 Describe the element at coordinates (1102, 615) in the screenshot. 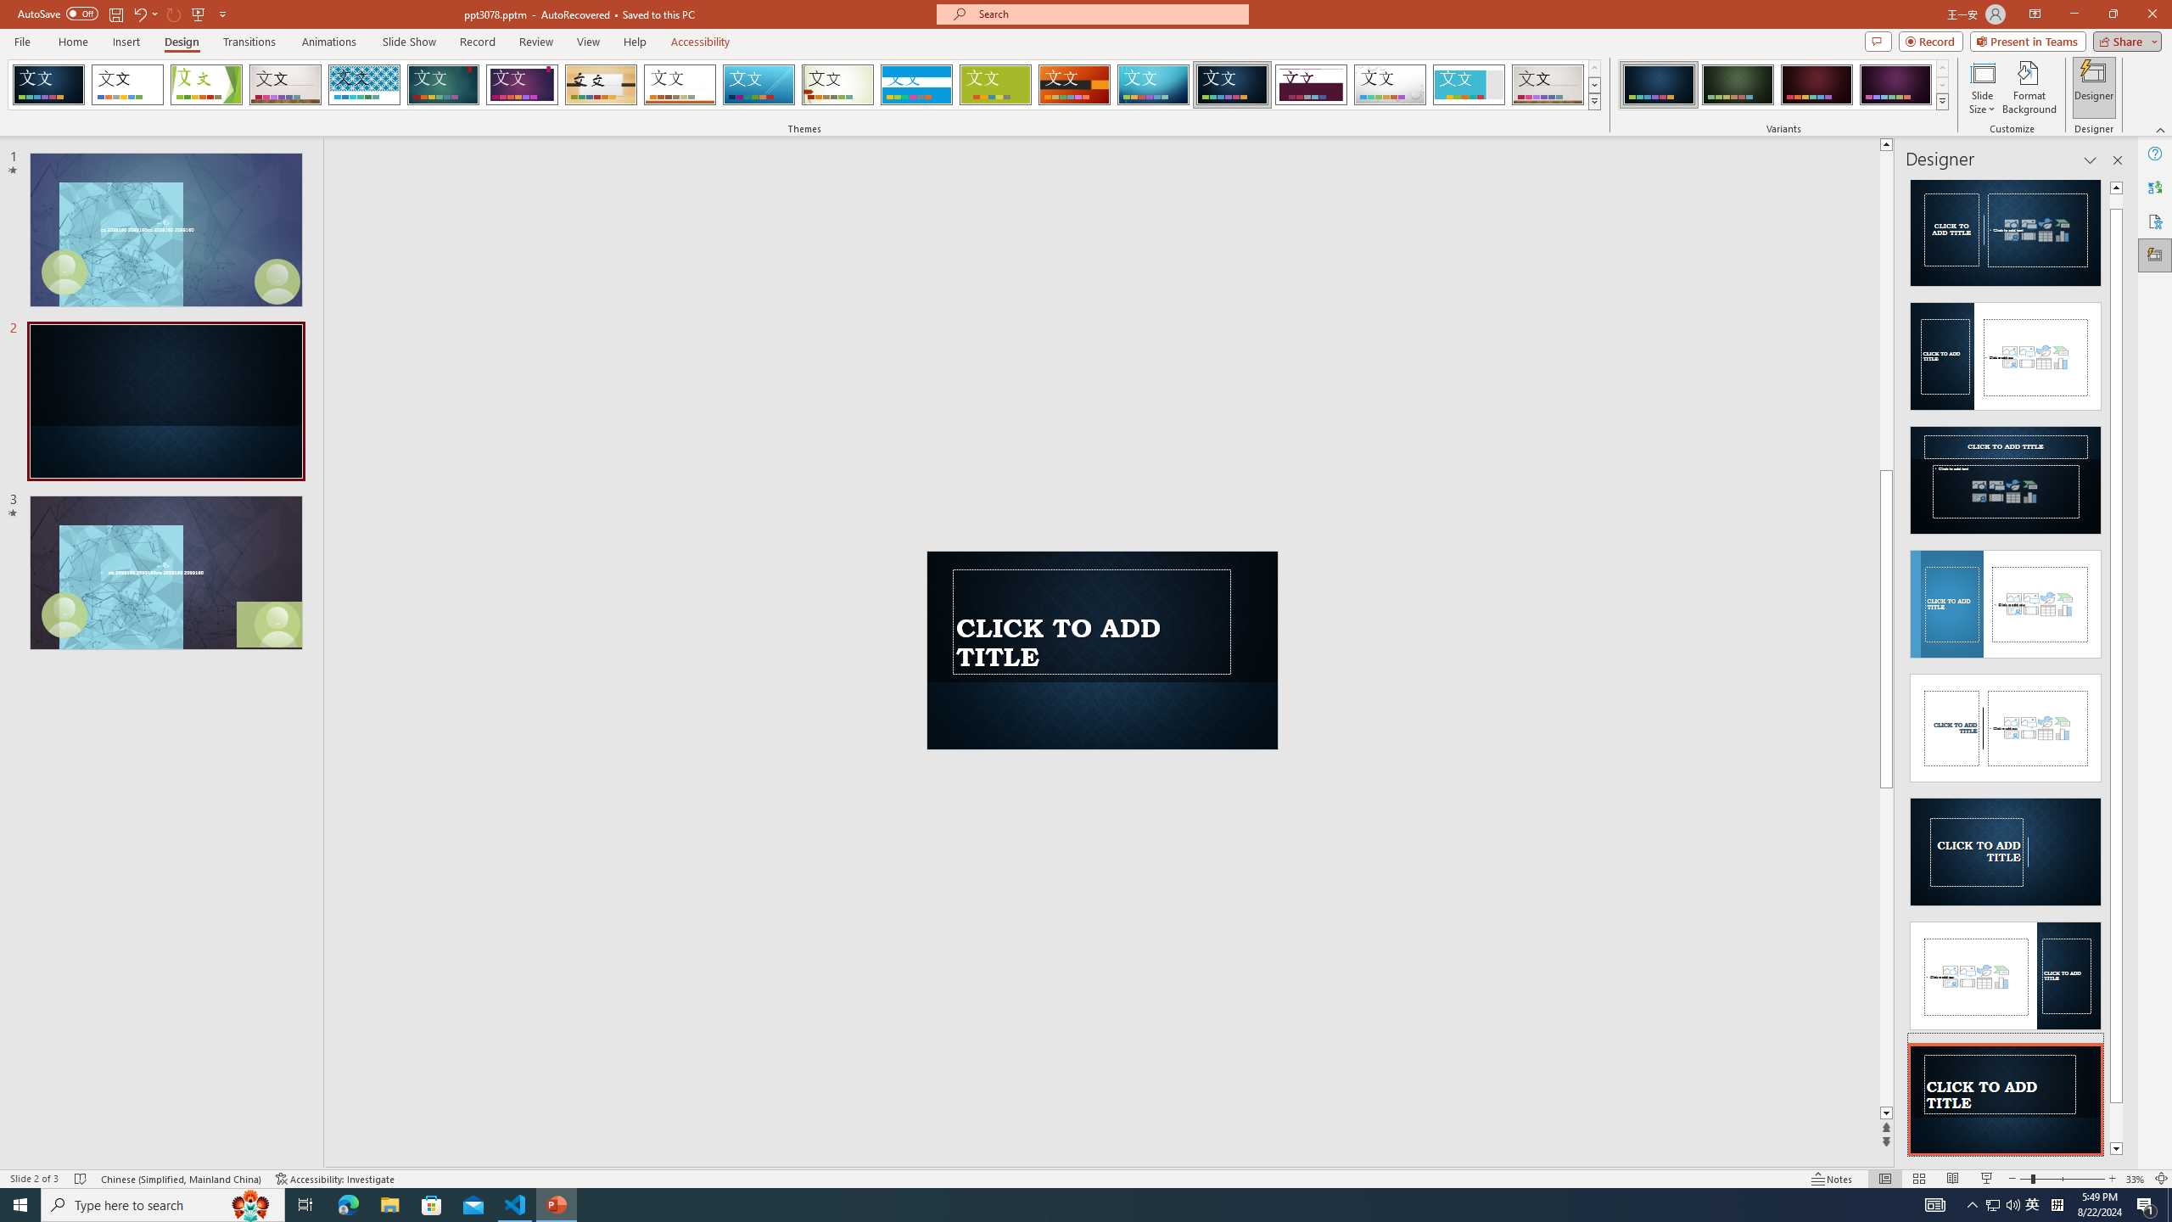

I see `'Decorative Locked'` at that location.